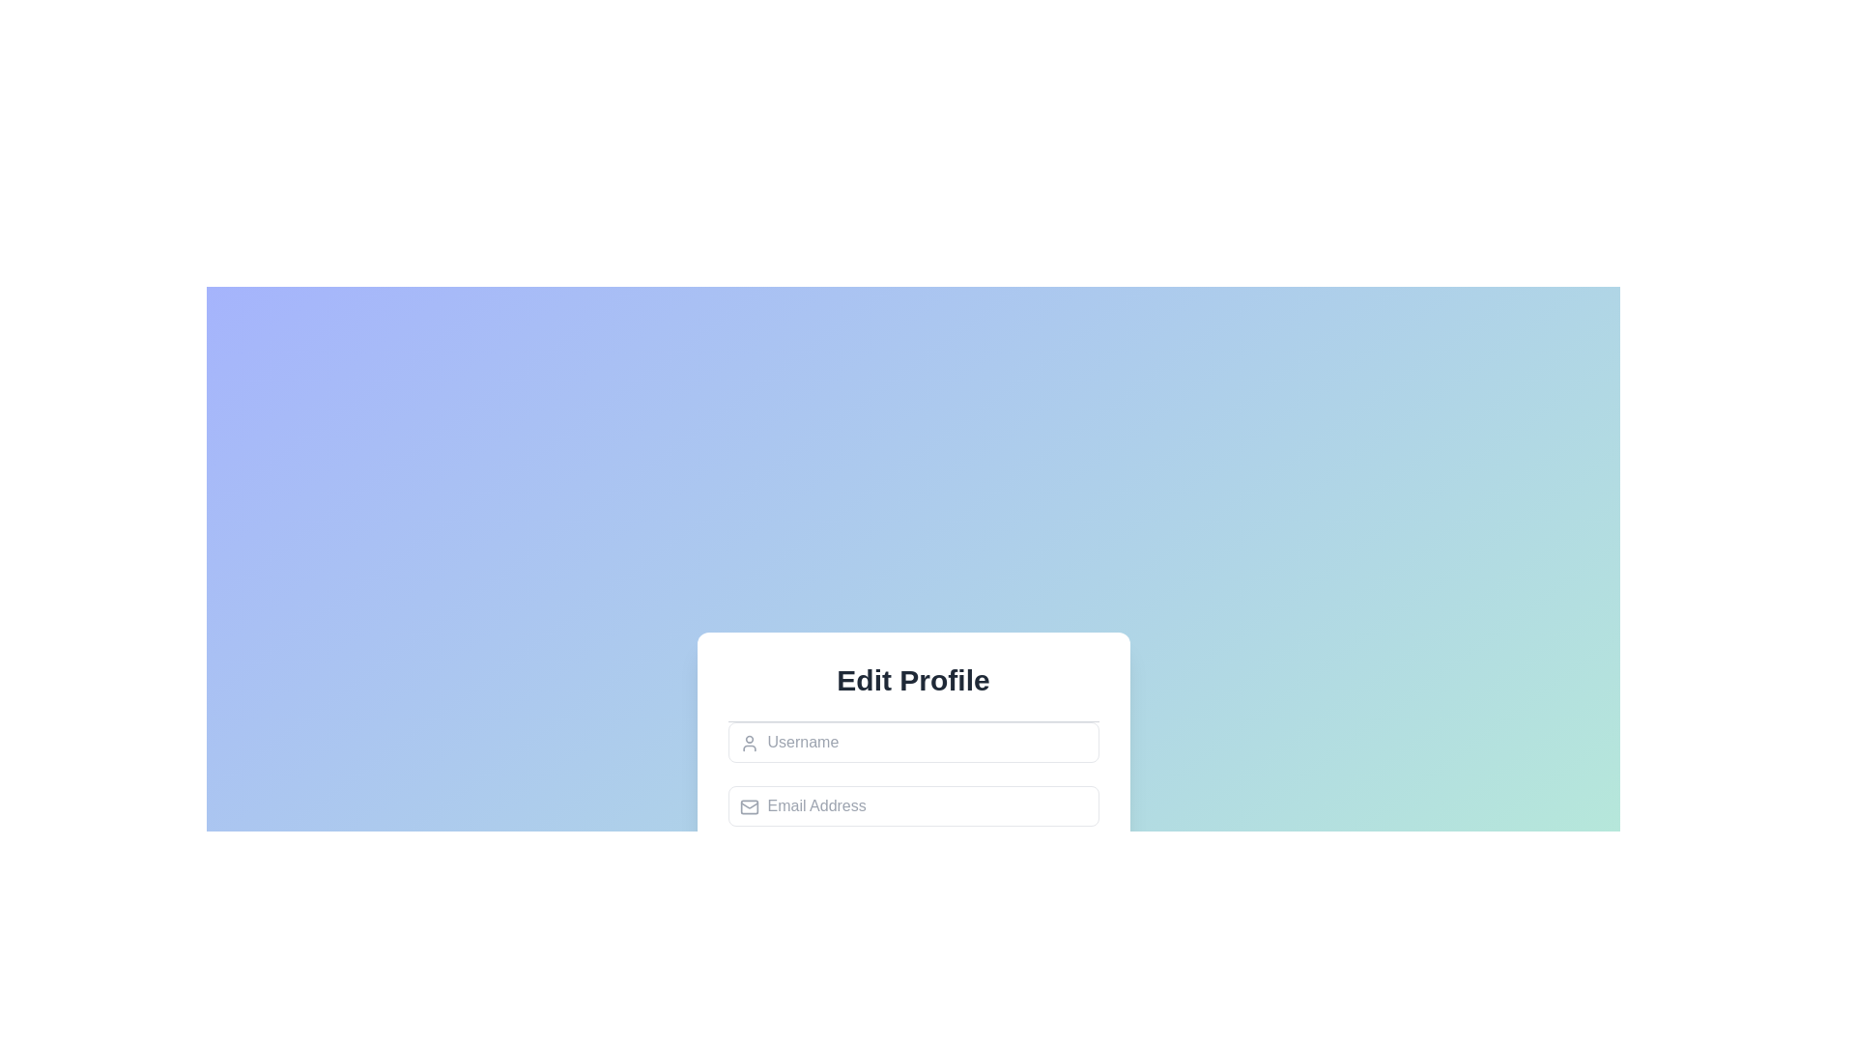 The image size is (1855, 1043). I want to click on the mail icon, which visually represents the email input field in the profile editing form, located to the left of the input field with the placeholder 'Email Address', so click(748, 807).